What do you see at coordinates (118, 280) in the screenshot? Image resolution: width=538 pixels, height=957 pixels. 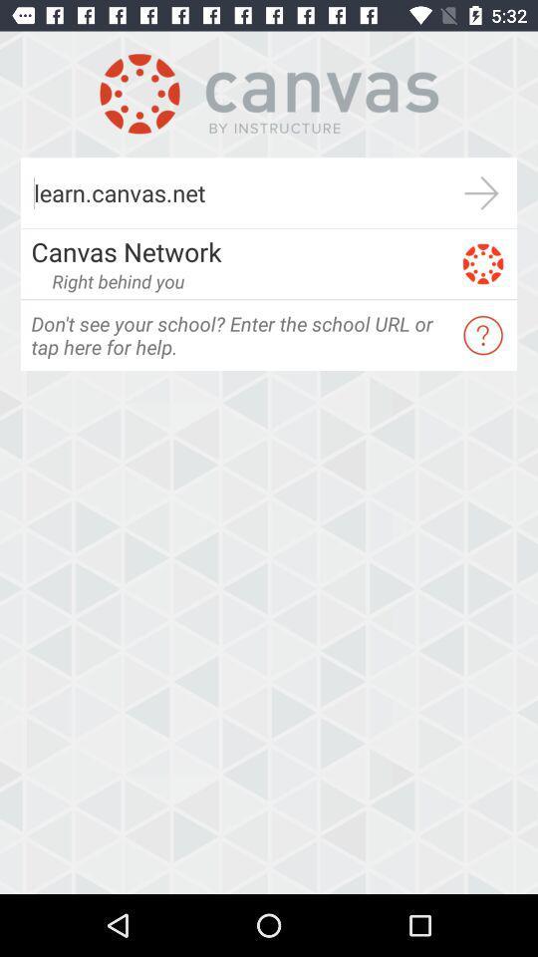 I see `item at the top left corner` at bounding box center [118, 280].